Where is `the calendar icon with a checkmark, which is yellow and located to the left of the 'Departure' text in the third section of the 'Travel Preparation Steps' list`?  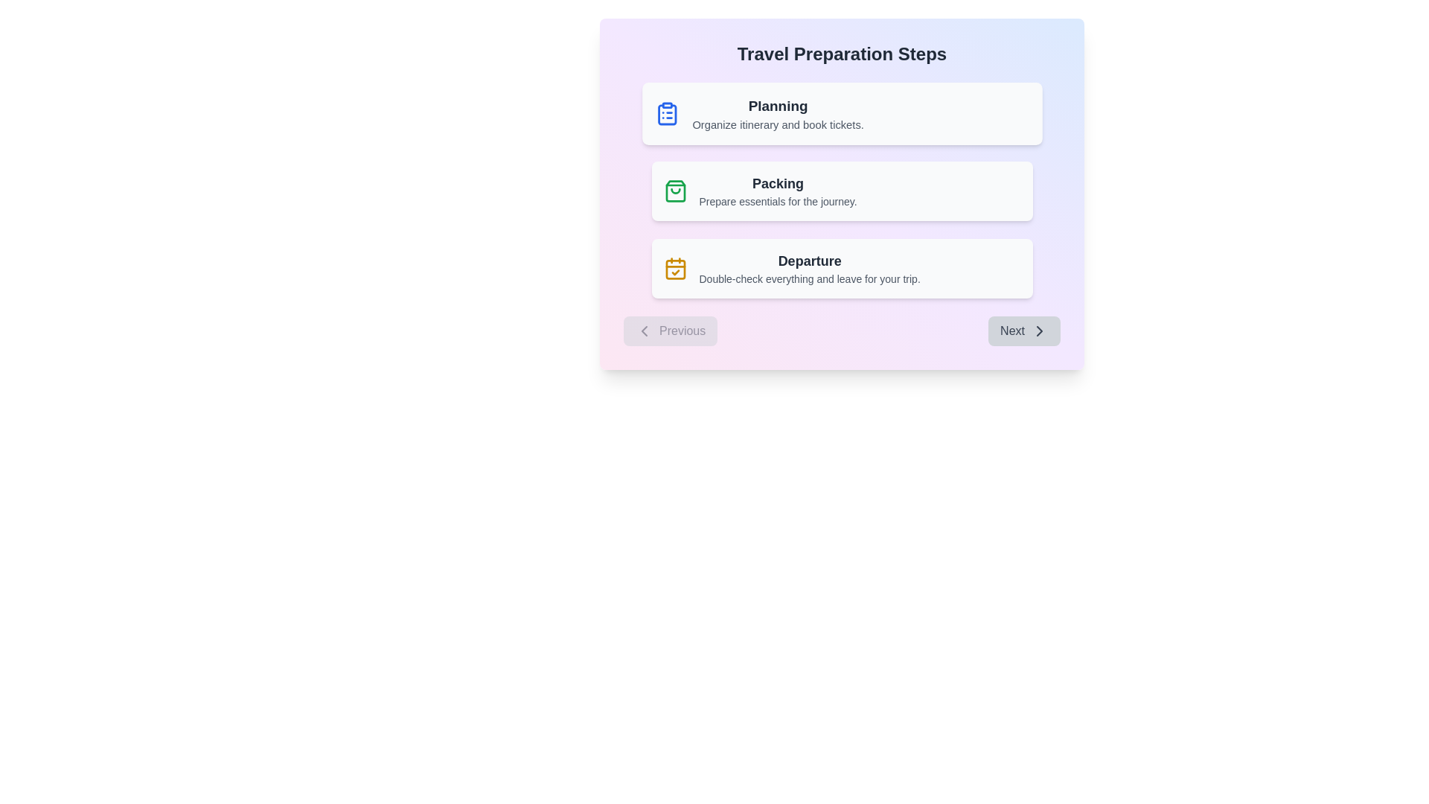
the calendar icon with a checkmark, which is yellow and located to the left of the 'Departure' text in the third section of the 'Travel Preparation Steps' list is located at coordinates (674, 269).